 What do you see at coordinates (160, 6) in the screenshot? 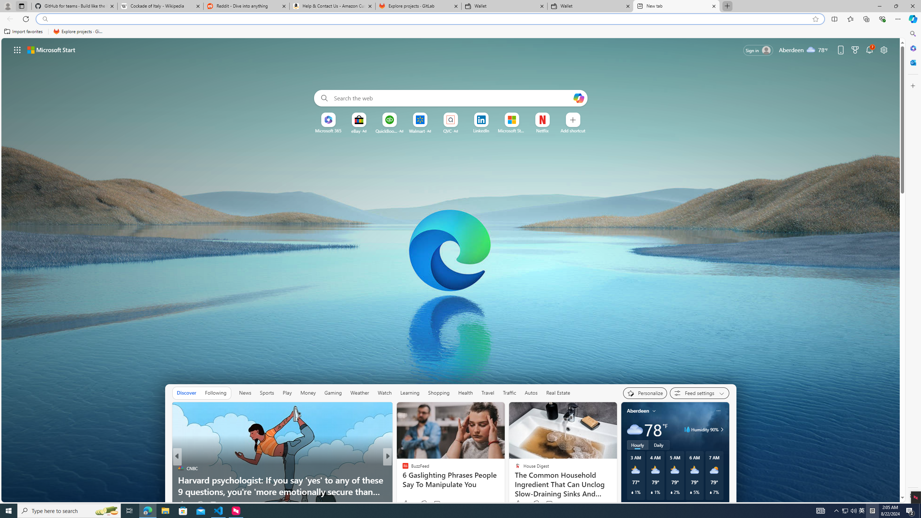
I see `'Cockade of Italy - Wikipedia'` at bounding box center [160, 6].